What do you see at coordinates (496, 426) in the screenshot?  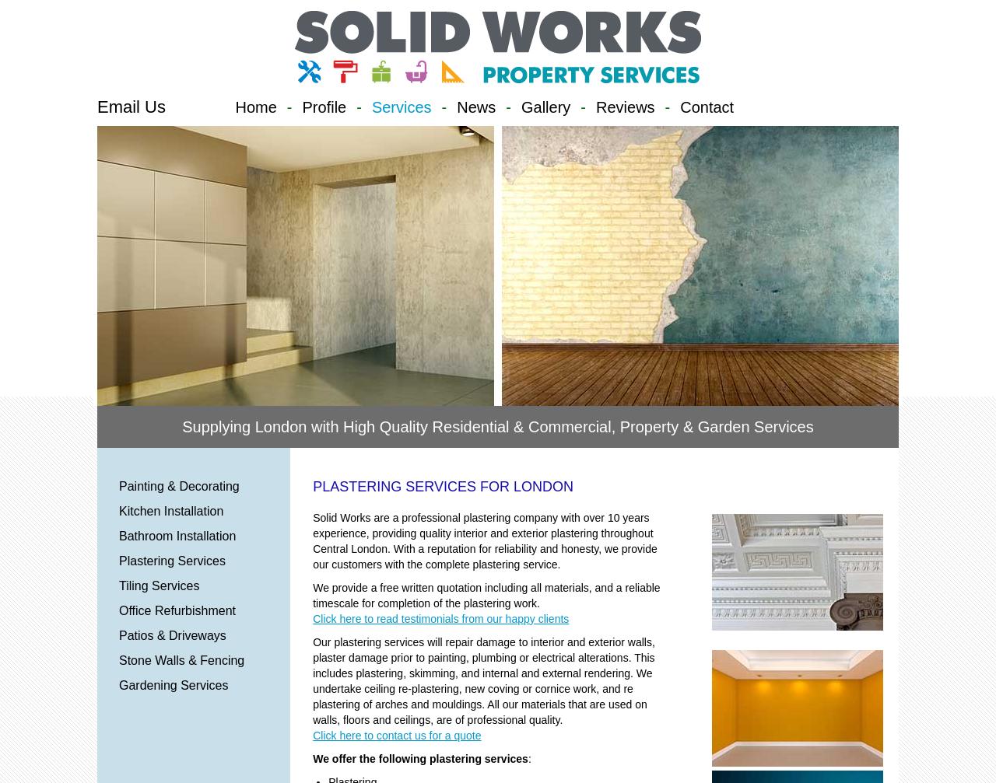 I see `'Supplying London with High Quality Residential & Commercial, Property & Garden Services'` at bounding box center [496, 426].